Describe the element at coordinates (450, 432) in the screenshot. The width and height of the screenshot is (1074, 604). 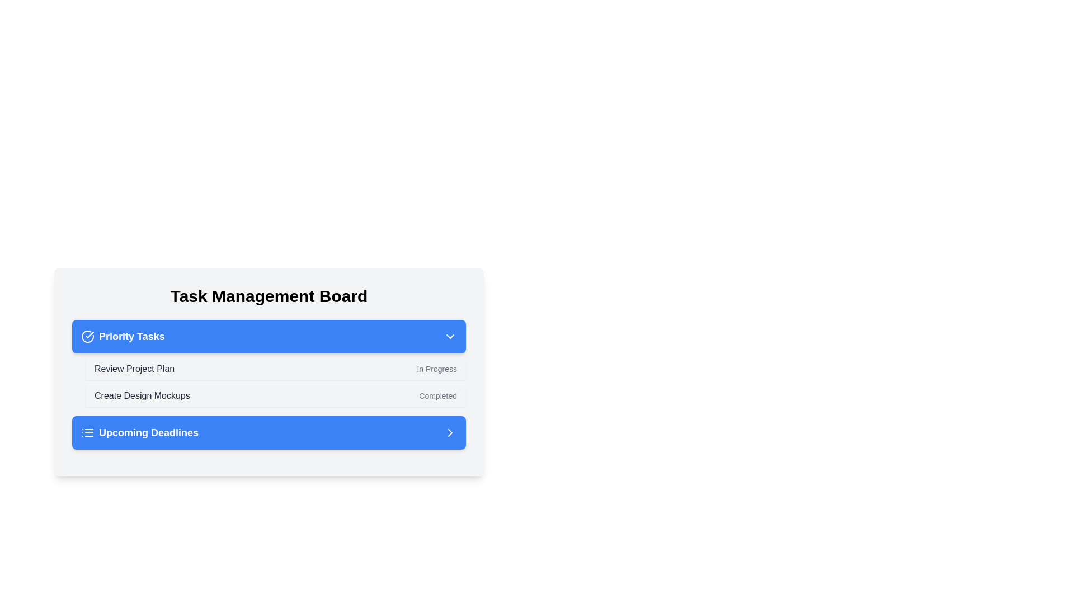
I see `the rightward-pointing chevron icon located inside the blue bar of the 'Upcoming Deadlines' section in the Task Management Board interface` at that location.